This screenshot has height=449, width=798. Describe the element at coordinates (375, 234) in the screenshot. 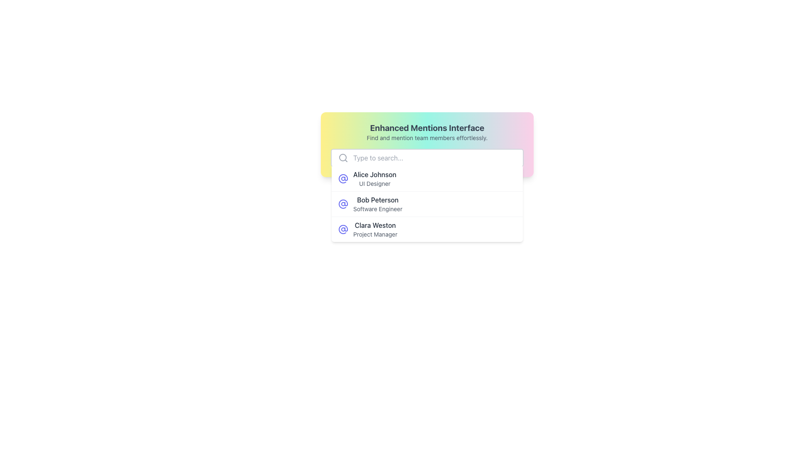

I see `the text label providing descriptive information about 'Clara Weston', which is the secondary text in the third list item of the dropdown interface` at that location.